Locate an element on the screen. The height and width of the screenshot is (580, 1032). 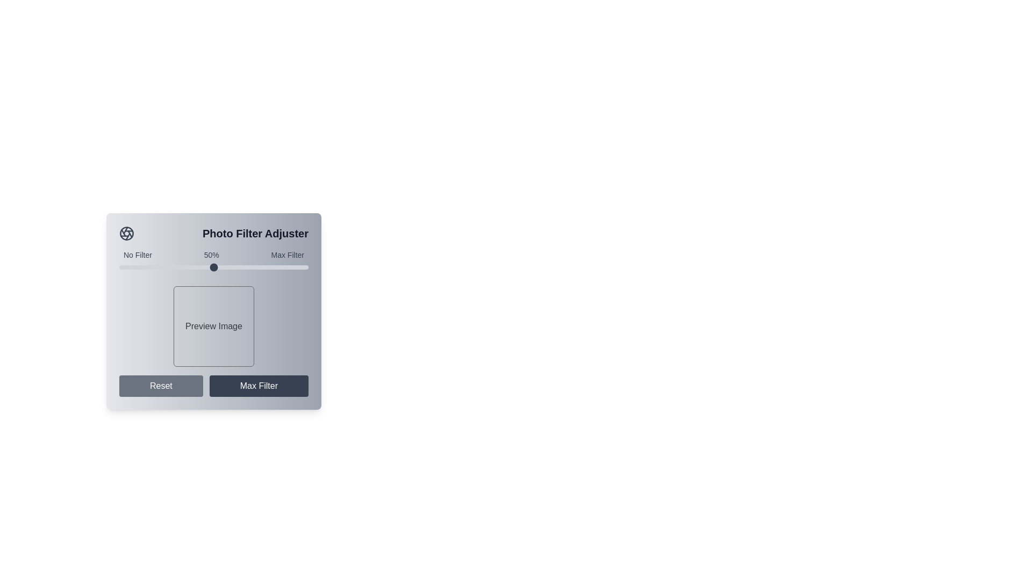
the Button Group located at the bottom of the 'Photo Filter Adjuster' panel is located at coordinates (214, 385).